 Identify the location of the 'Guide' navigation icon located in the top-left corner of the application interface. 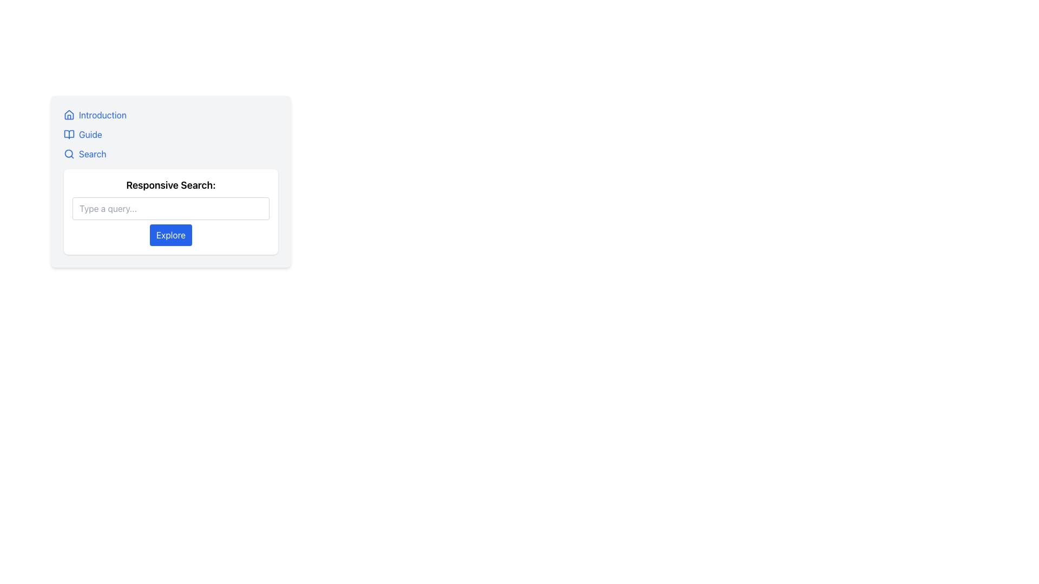
(69, 134).